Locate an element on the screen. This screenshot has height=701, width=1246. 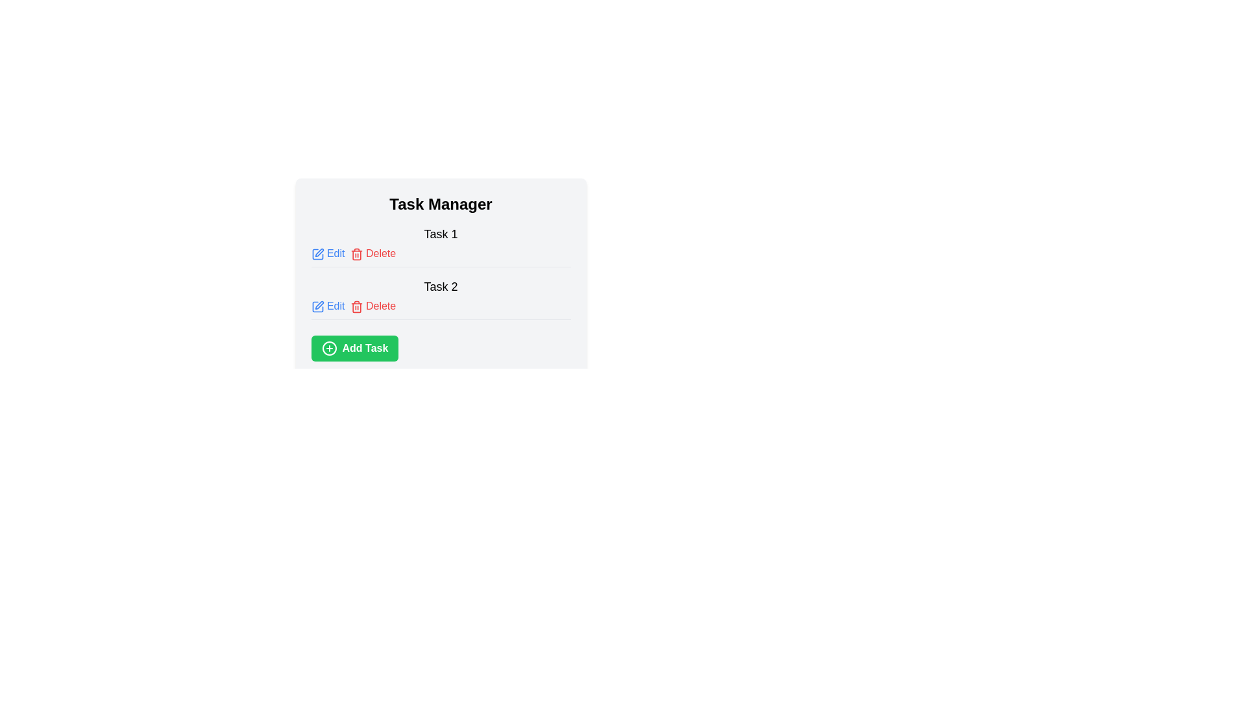
the 'Delete' button, which is a red textual label accompanied by a trashcan icon, positioned to the right of the 'Edit' button in a horizontal layout is located at coordinates (372, 306).